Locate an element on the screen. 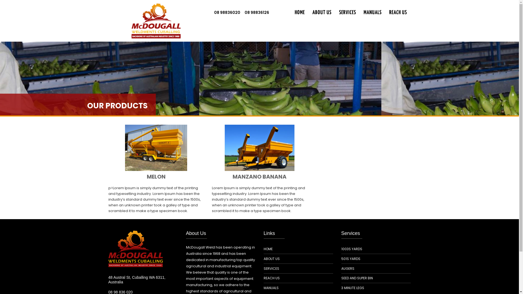 Image resolution: width=523 pixels, height=294 pixels. 'SERVICES' is located at coordinates (271, 268).